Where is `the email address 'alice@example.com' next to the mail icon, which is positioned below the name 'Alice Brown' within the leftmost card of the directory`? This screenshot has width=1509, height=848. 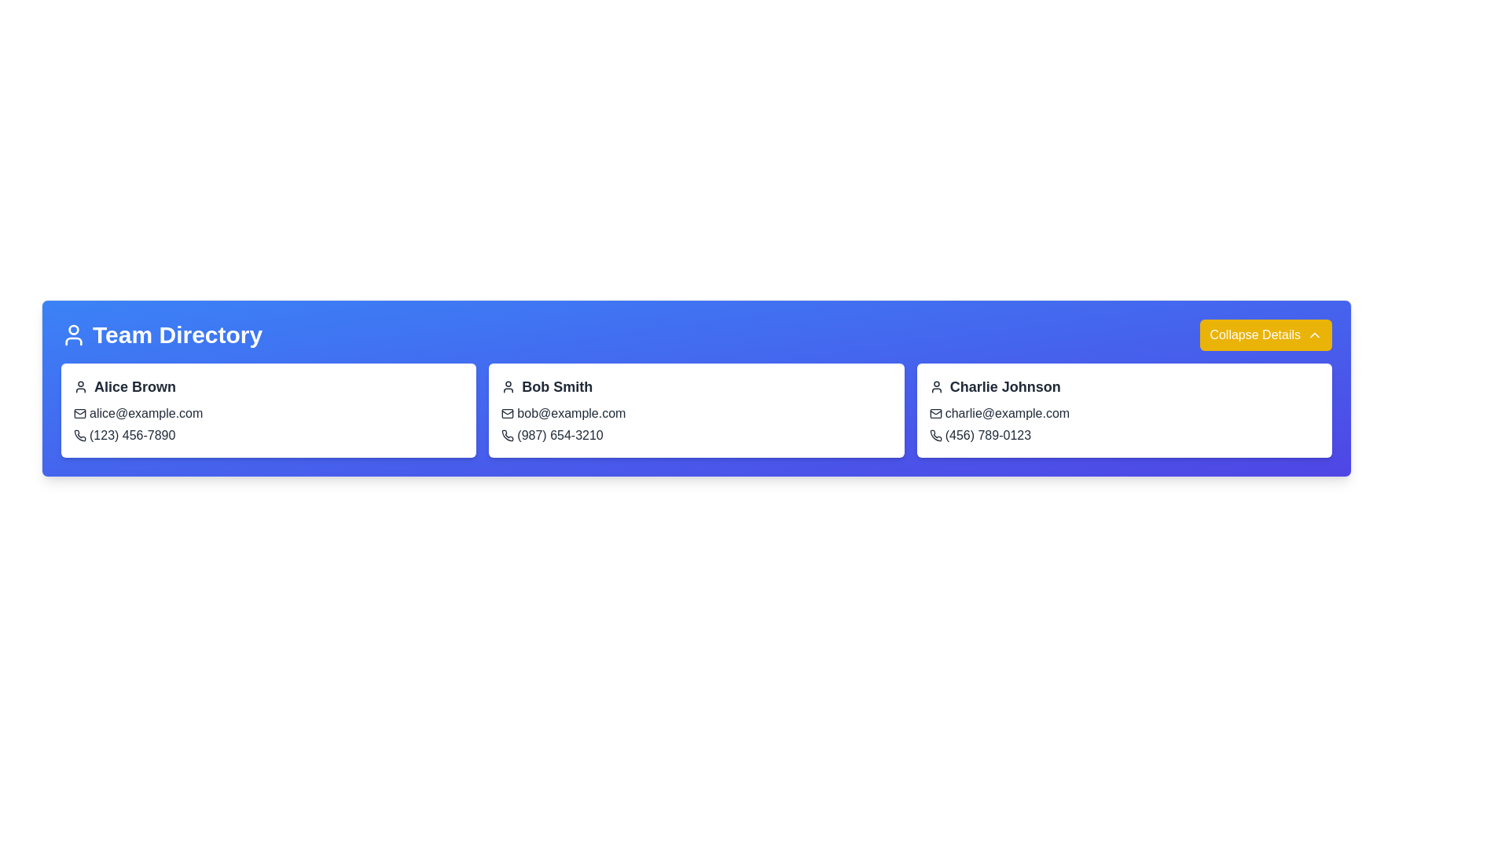 the email address 'alice@example.com' next to the mail icon, which is positioned below the name 'Alice Brown' within the leftmost card of the directory is located at coordinates (138, 413).